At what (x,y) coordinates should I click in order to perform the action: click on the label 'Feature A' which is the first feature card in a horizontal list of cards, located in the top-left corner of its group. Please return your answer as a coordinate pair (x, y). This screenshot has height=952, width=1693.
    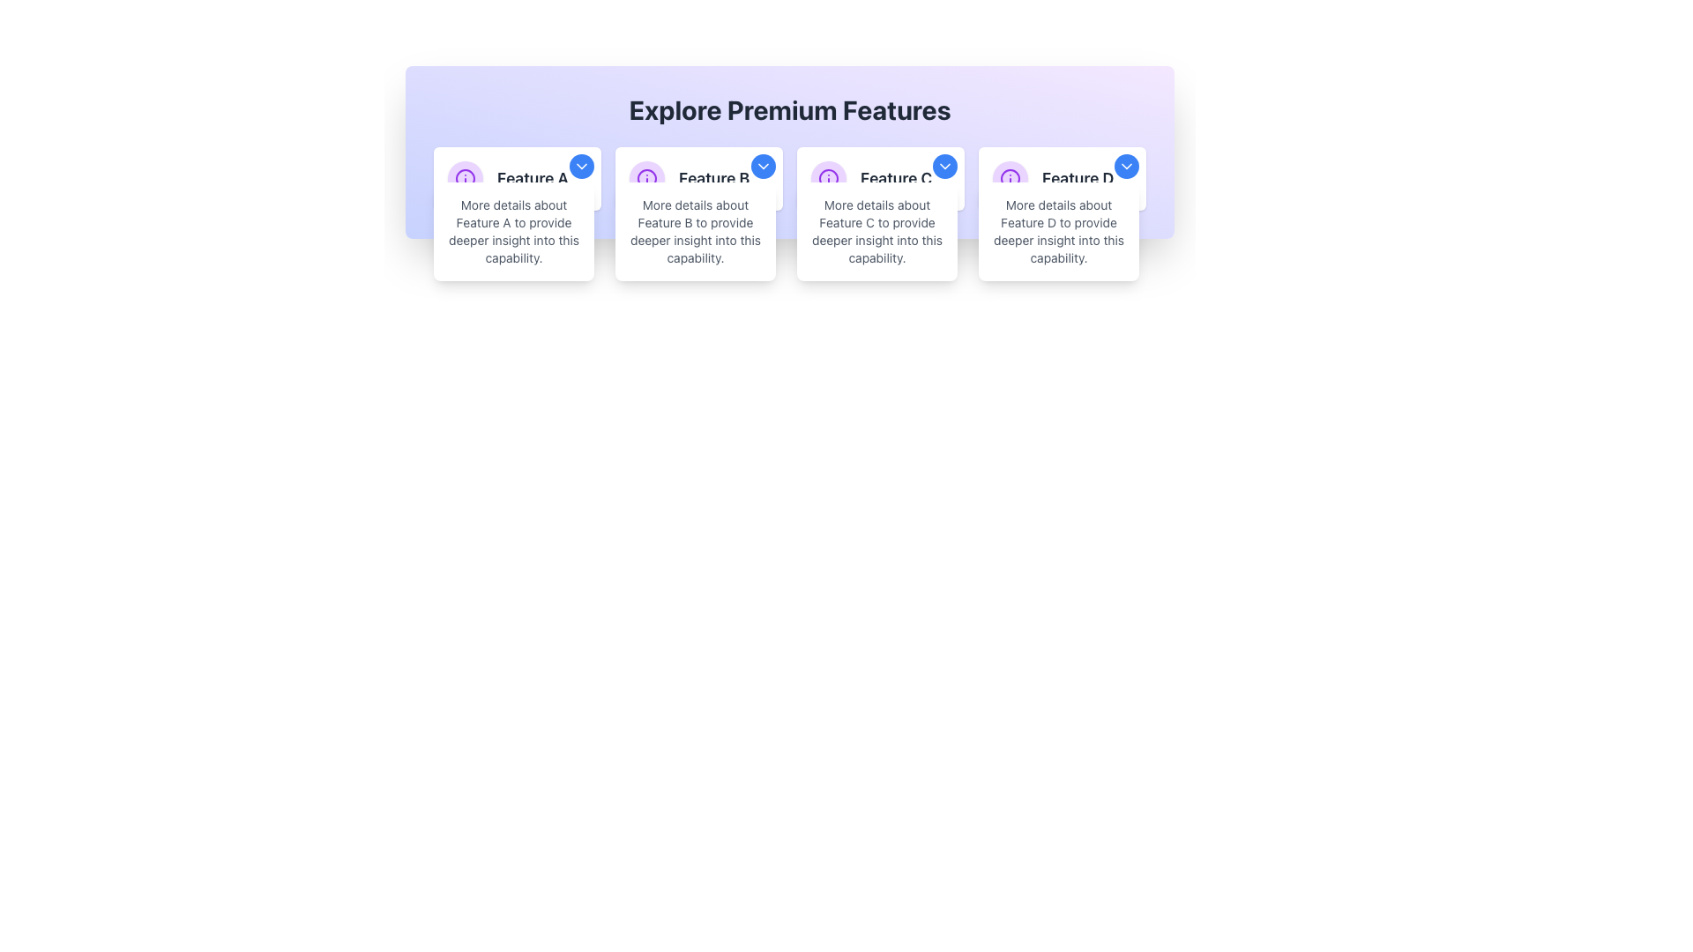
    Looking at the image, I should click on (532, 179).